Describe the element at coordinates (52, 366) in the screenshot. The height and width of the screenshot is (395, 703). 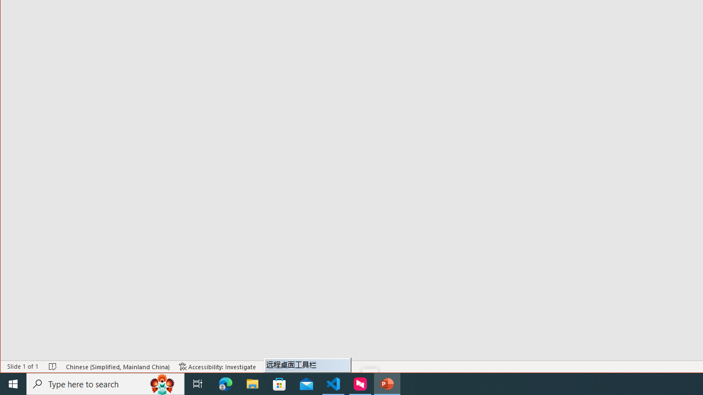
I see `'Spell Check No Errors'` at that location.